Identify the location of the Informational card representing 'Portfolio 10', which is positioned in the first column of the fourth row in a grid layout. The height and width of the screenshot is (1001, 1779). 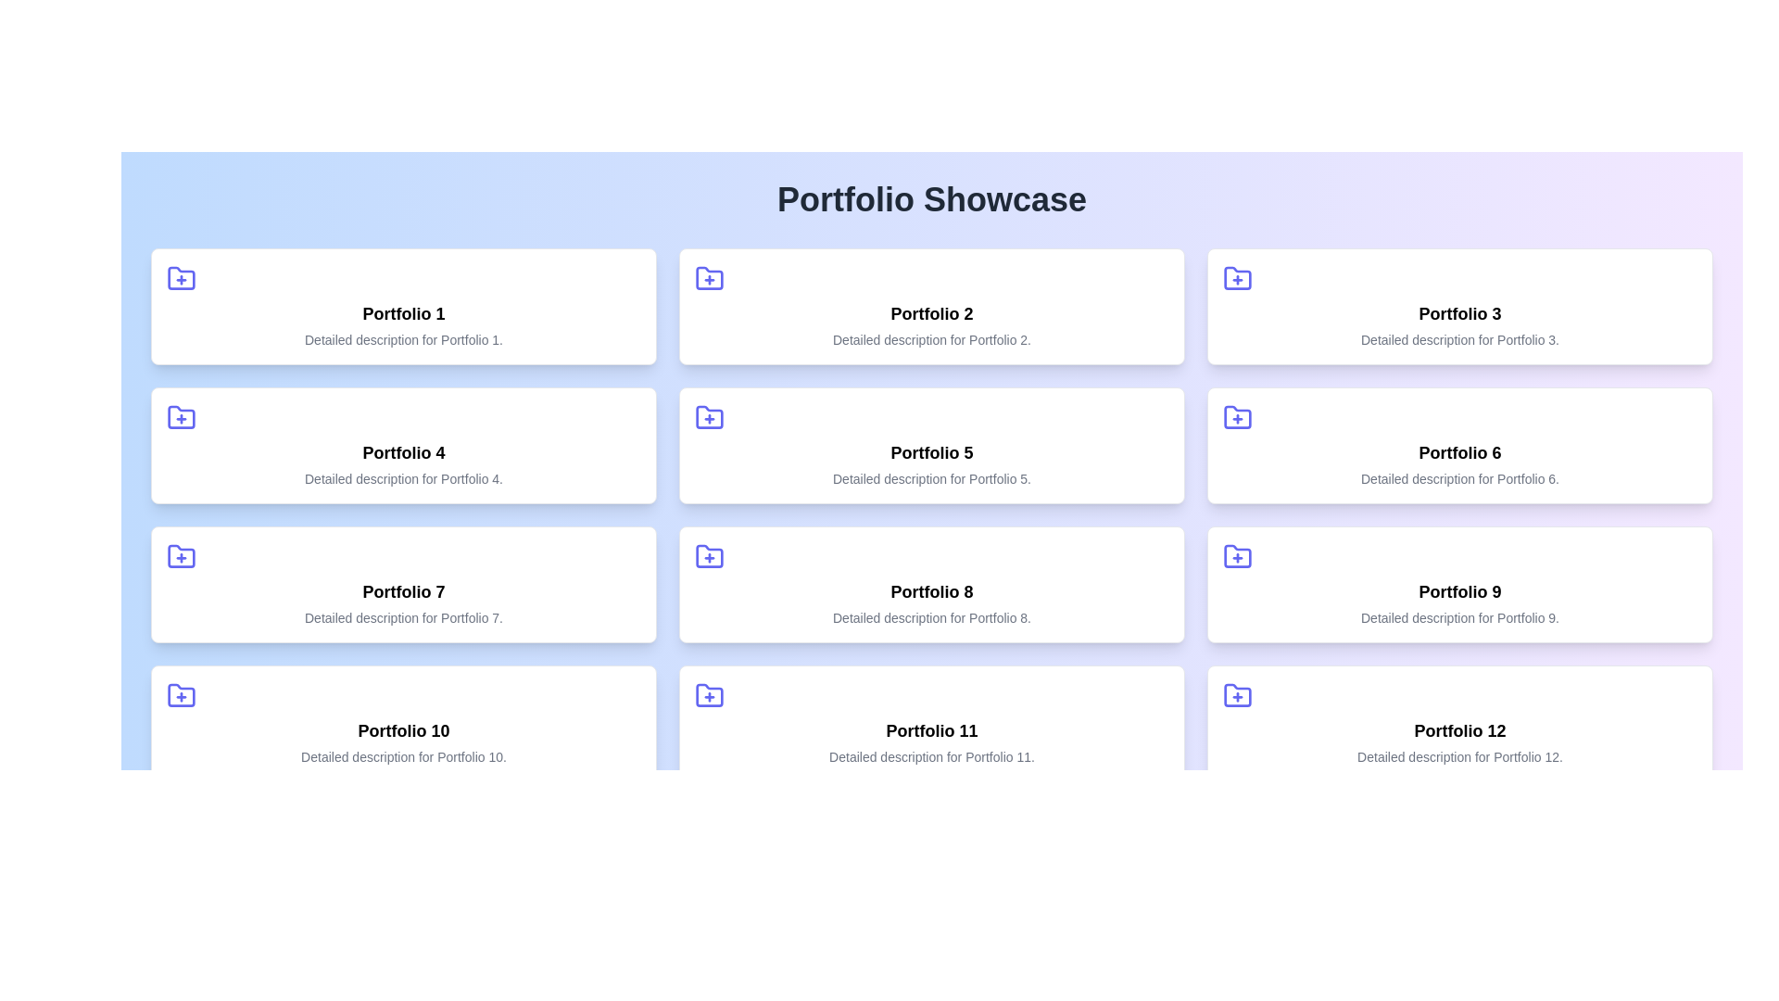
(403, 722).